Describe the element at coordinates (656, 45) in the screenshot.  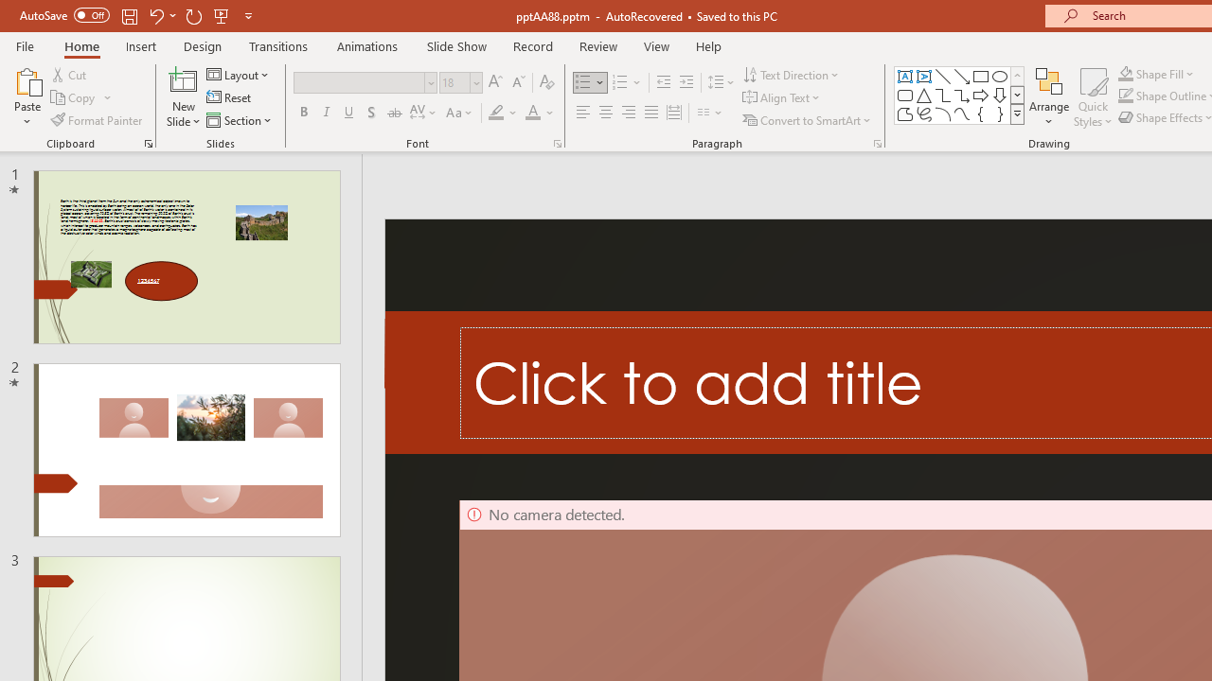
I see `'View'` at that location.